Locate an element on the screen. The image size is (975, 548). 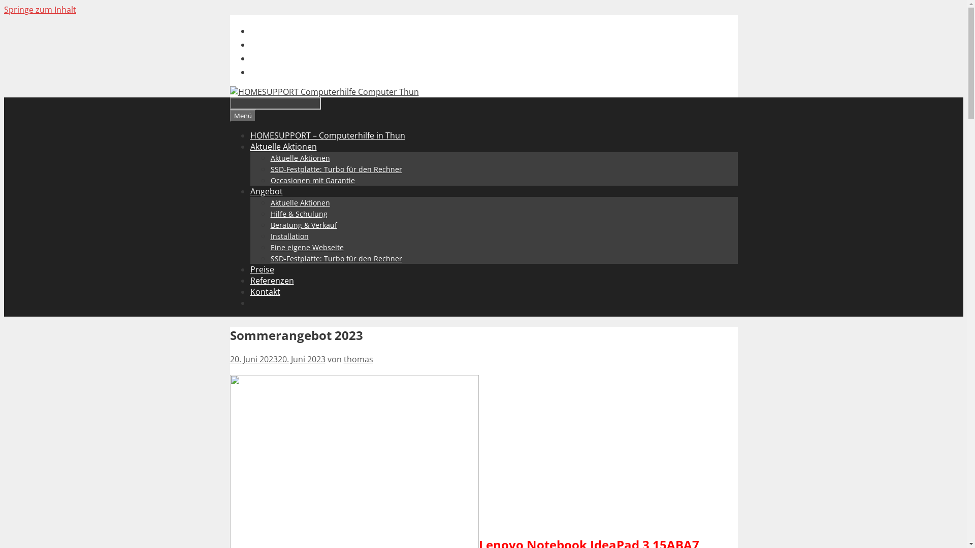
'thomas' is located at coordinates (358, 359).